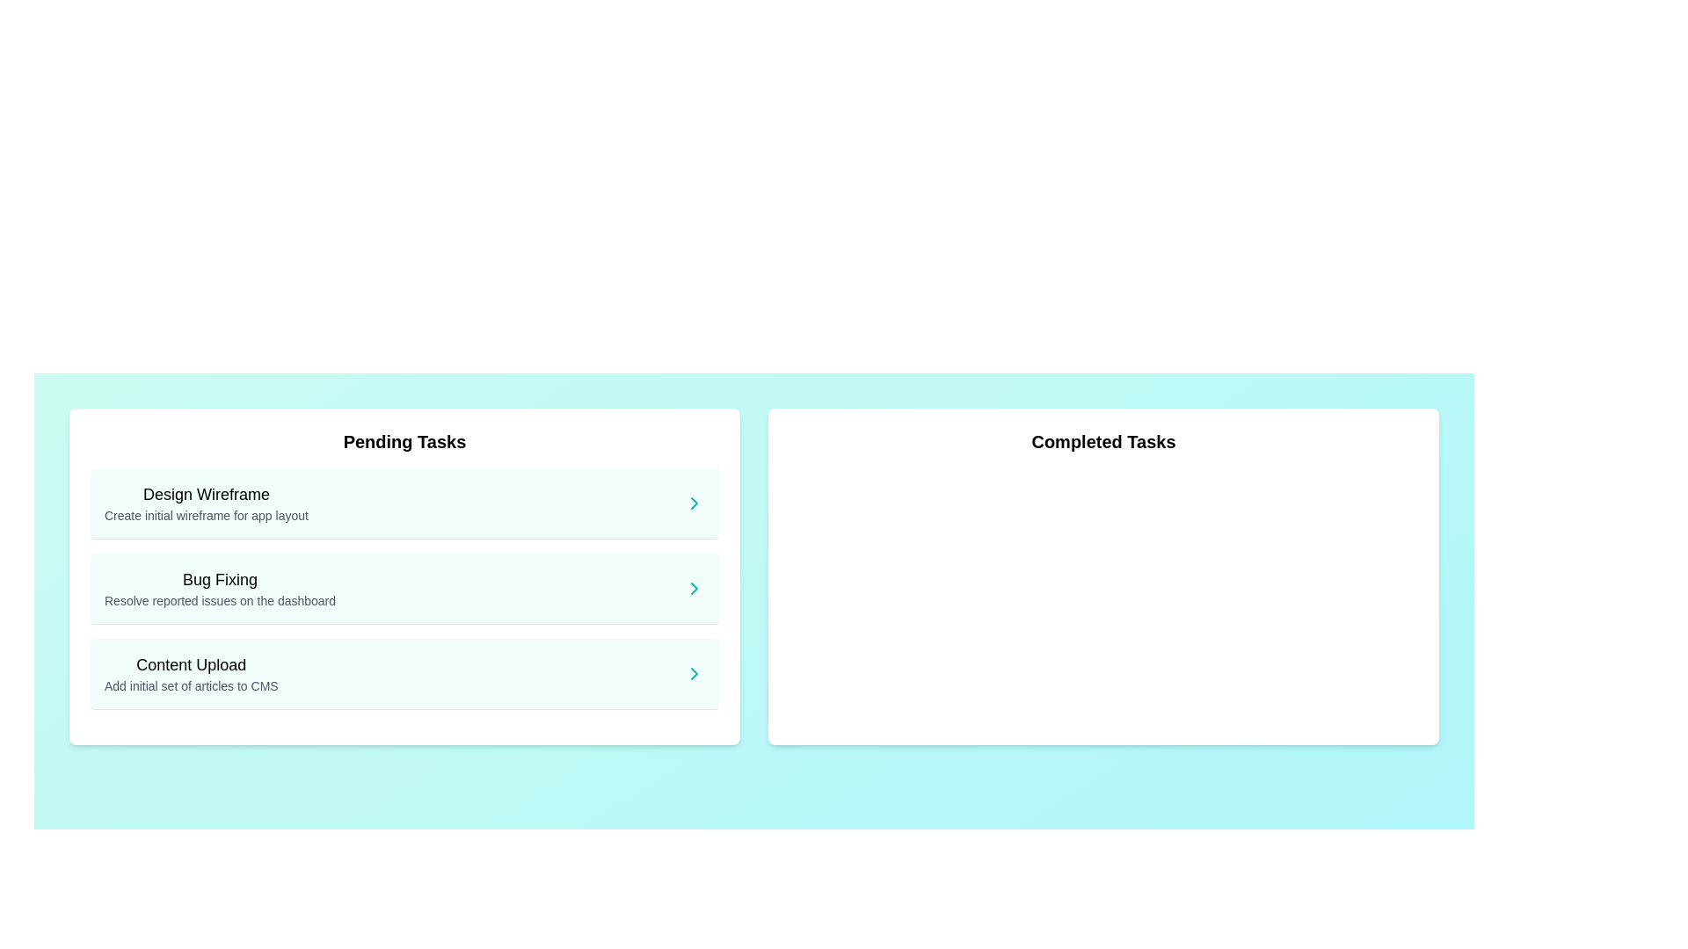 This screenshot has width=1688, height=949. I want to click on the right-facing teal chevron icon located at the far-right of the 'Bug Fixing' task block in the 'Pending Tasks' list, so click(694, 589).